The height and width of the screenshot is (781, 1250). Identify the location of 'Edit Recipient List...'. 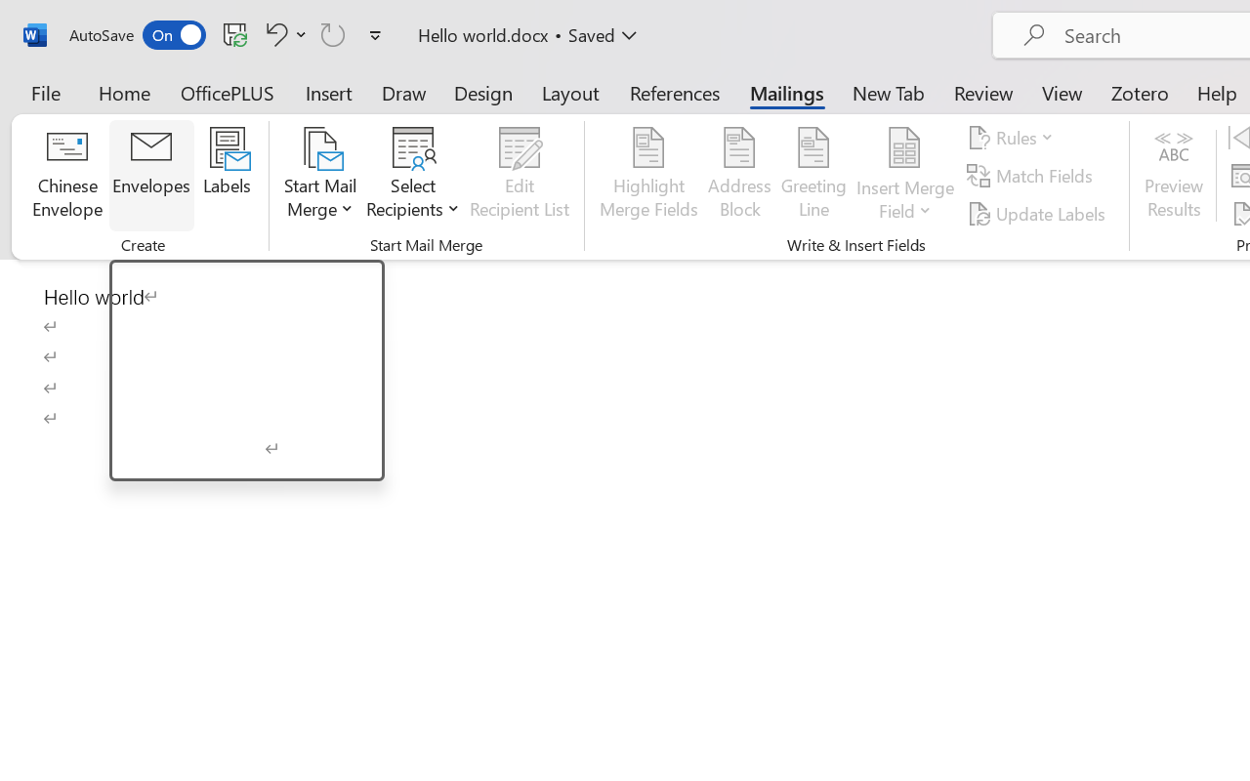
(520, 175).